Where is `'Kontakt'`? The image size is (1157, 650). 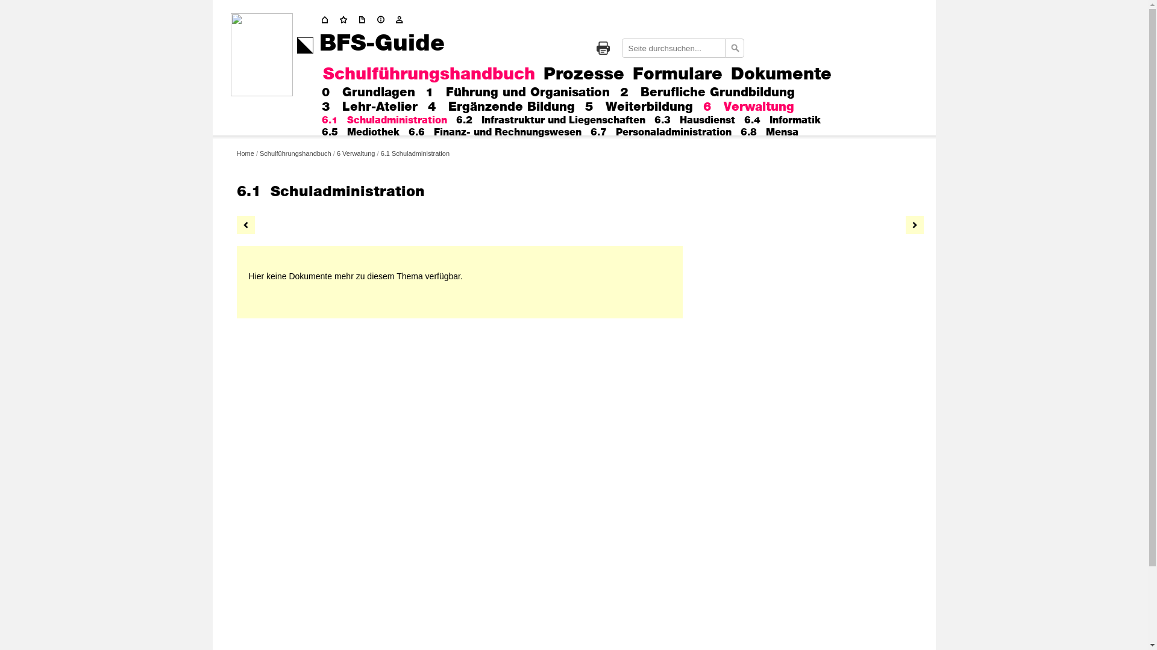 'Kontakt' is located at coordinates (401, 20).